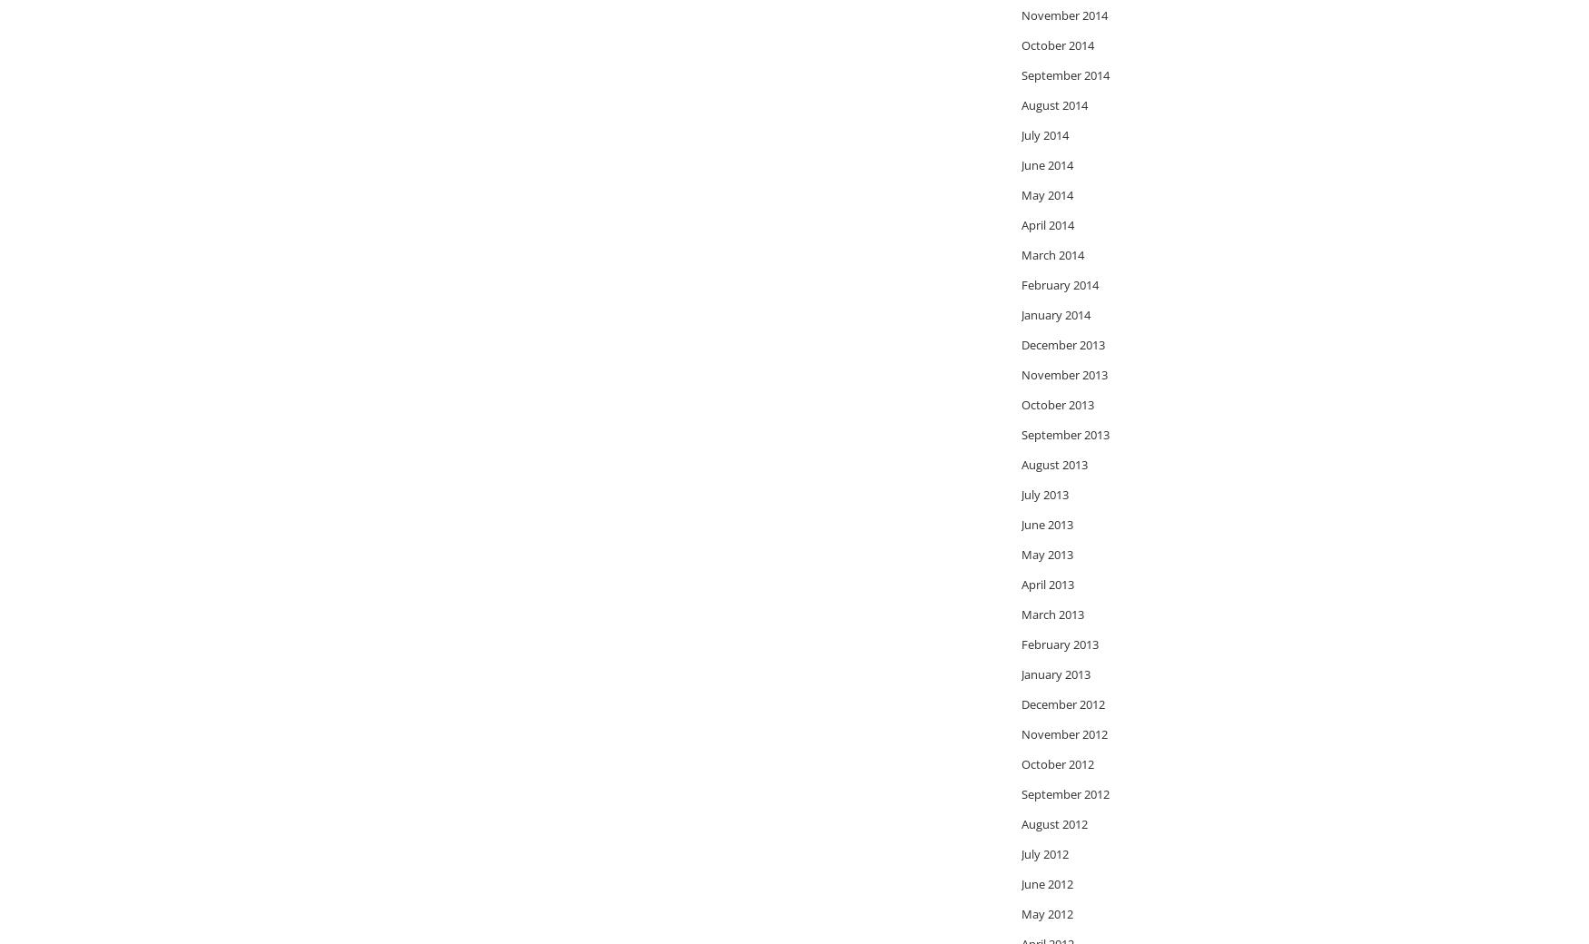  I want to click on 'March 2014', so click(1051, 252).